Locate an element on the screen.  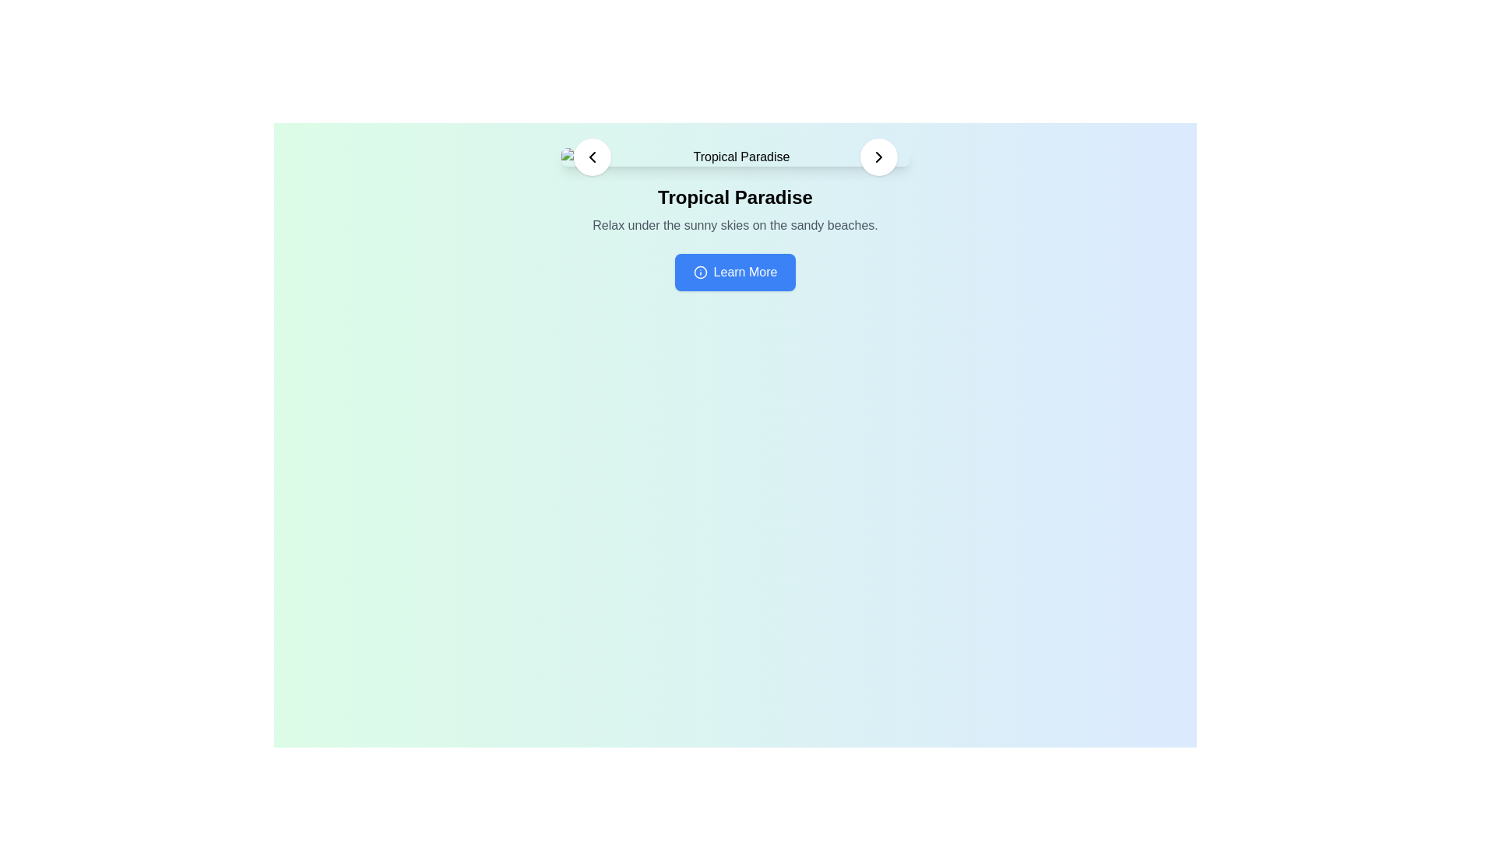
the 'Learn More' button which contains the icon that provides additional information or guidance is located at coordinates (699, 272).